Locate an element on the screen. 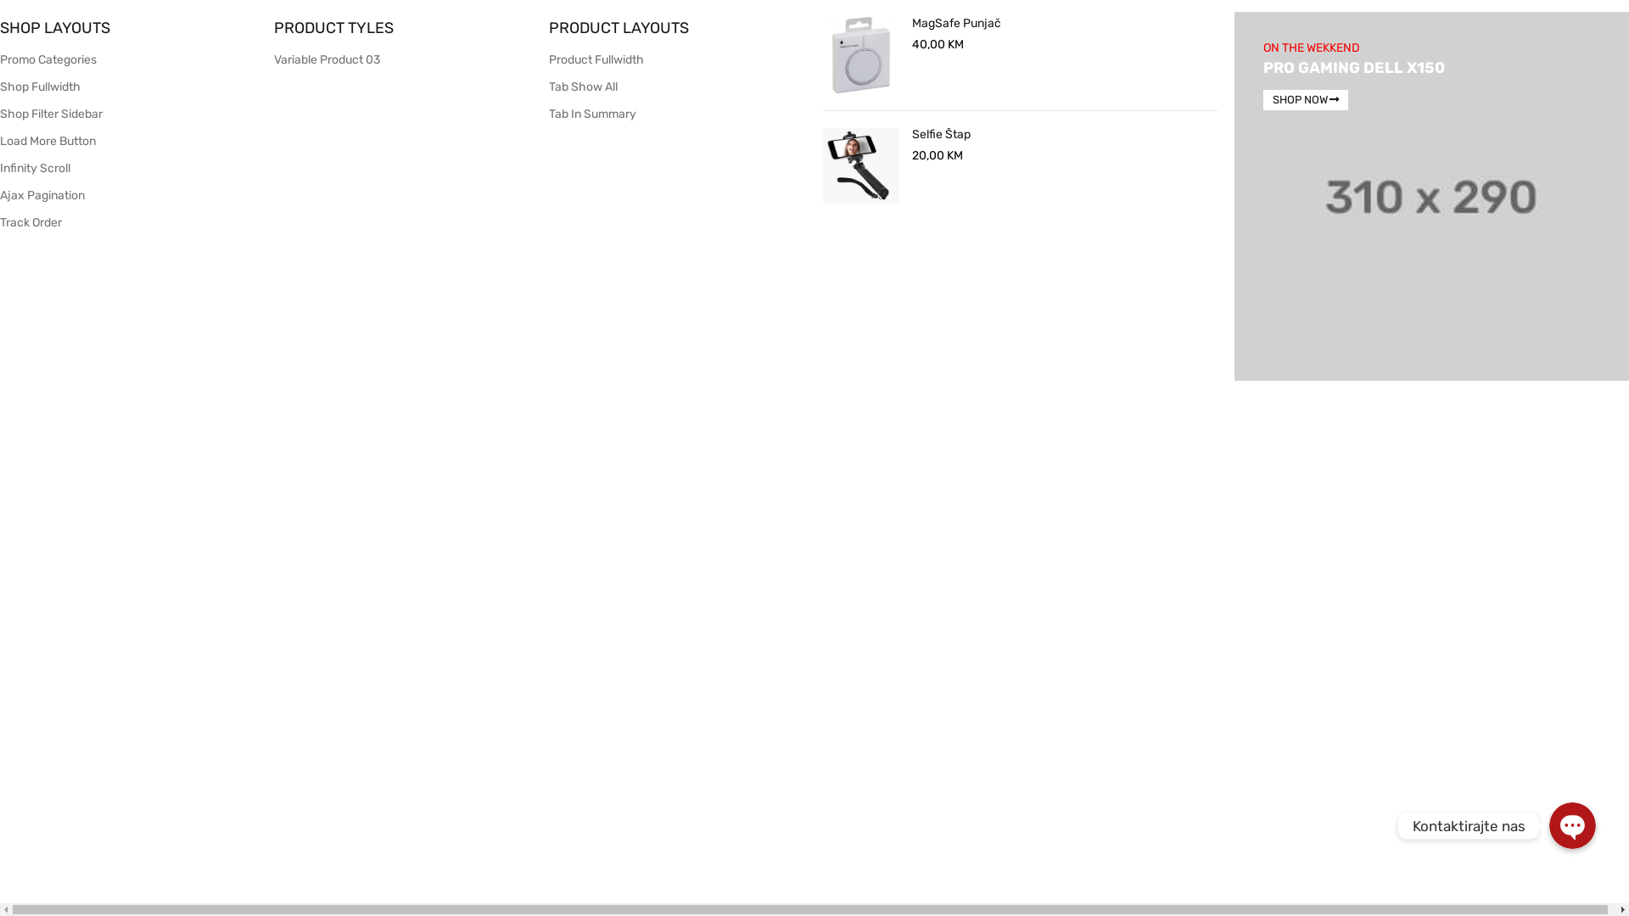  'Promo Categories' is located at coordinates (48, 59).